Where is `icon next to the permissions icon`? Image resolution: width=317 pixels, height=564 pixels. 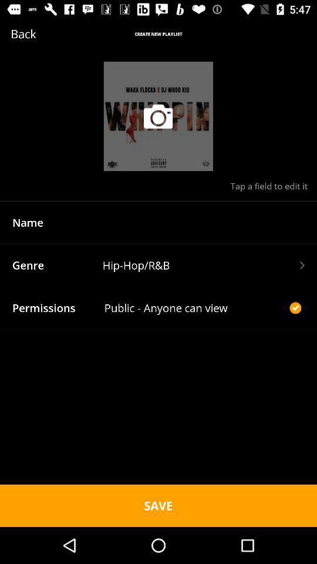
icon next to the permissions icon is located at coordinates (195, 307).